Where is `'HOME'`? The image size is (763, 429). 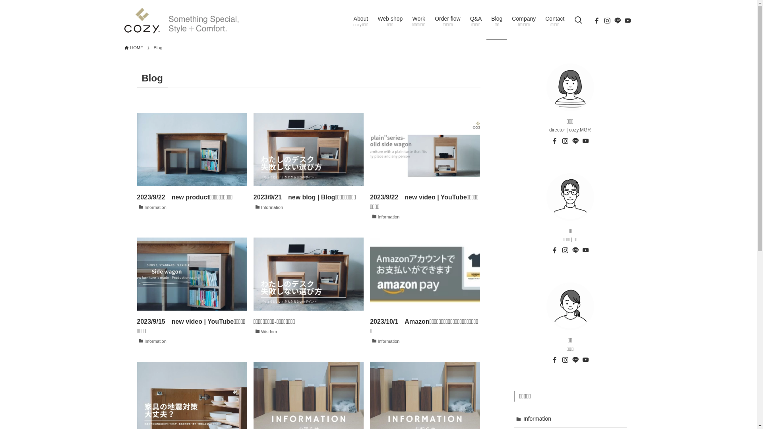
'HOME' is located at coordinates (134, 48).